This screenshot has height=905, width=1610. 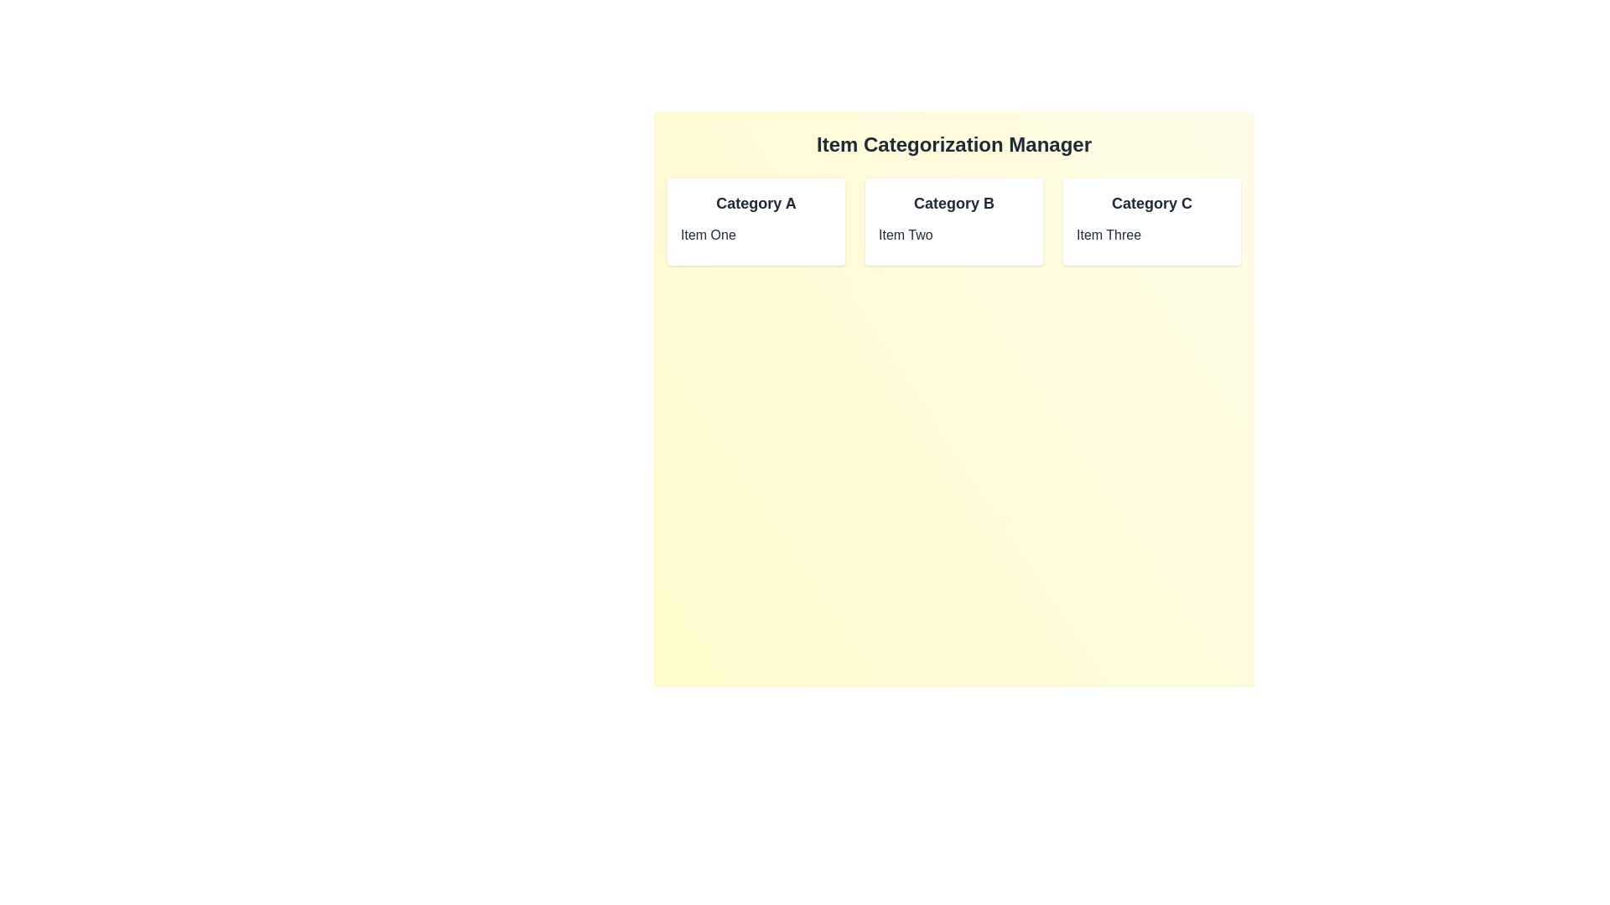 I want to click on the item named Item Three to select it, so click(x=1150, y=235).